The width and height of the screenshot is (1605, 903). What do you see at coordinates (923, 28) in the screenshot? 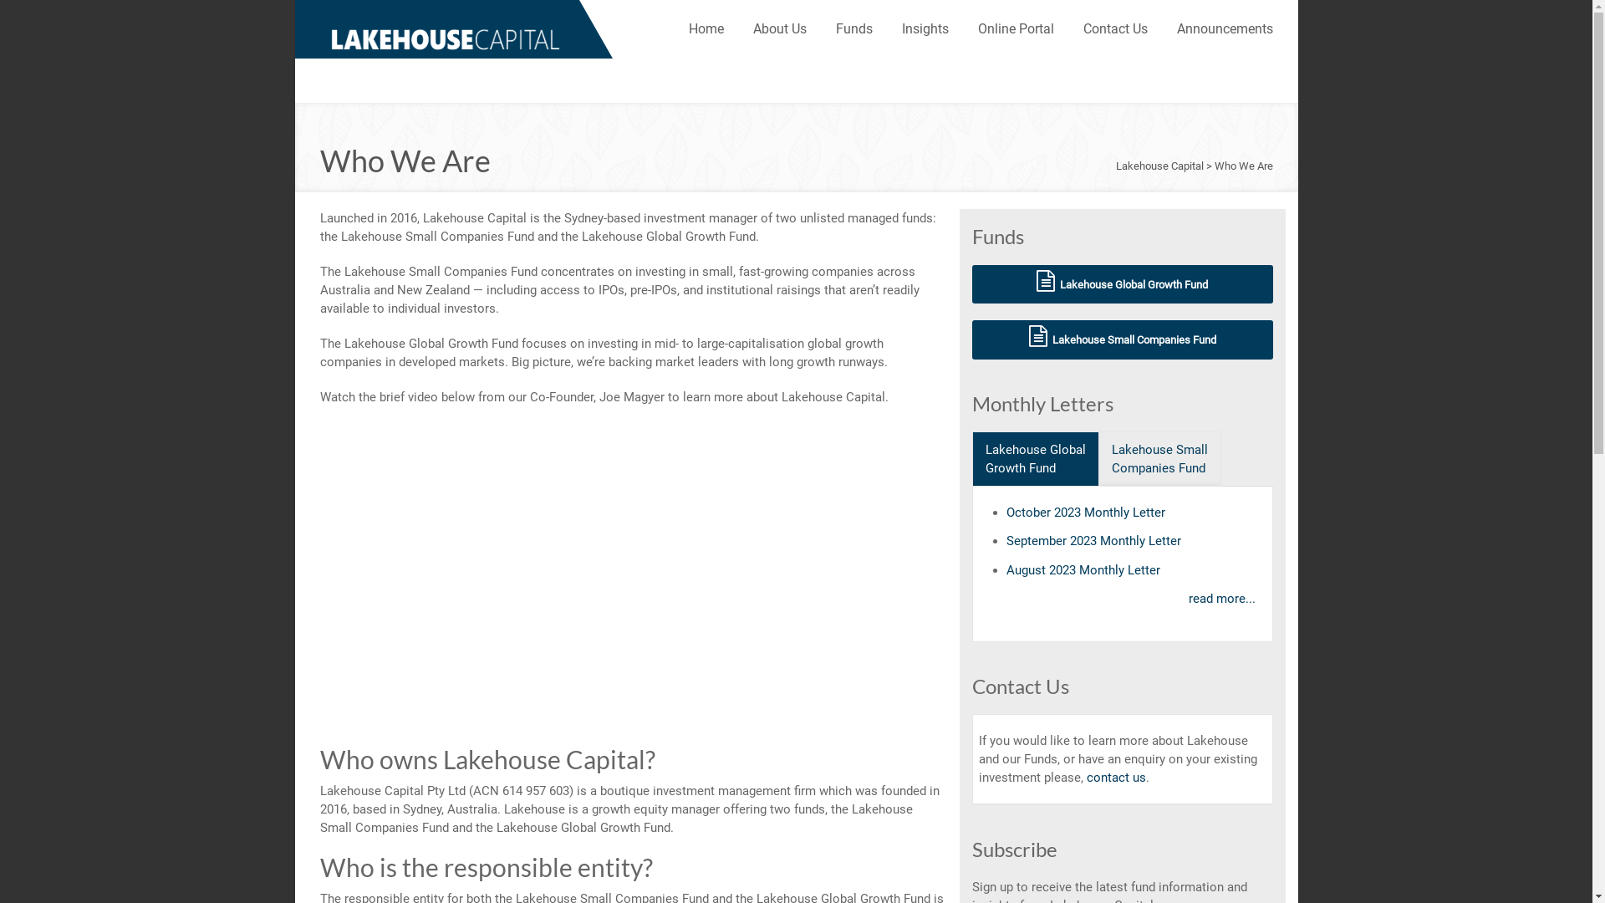
I see `'Insights'` at bounding box center [923, 28].